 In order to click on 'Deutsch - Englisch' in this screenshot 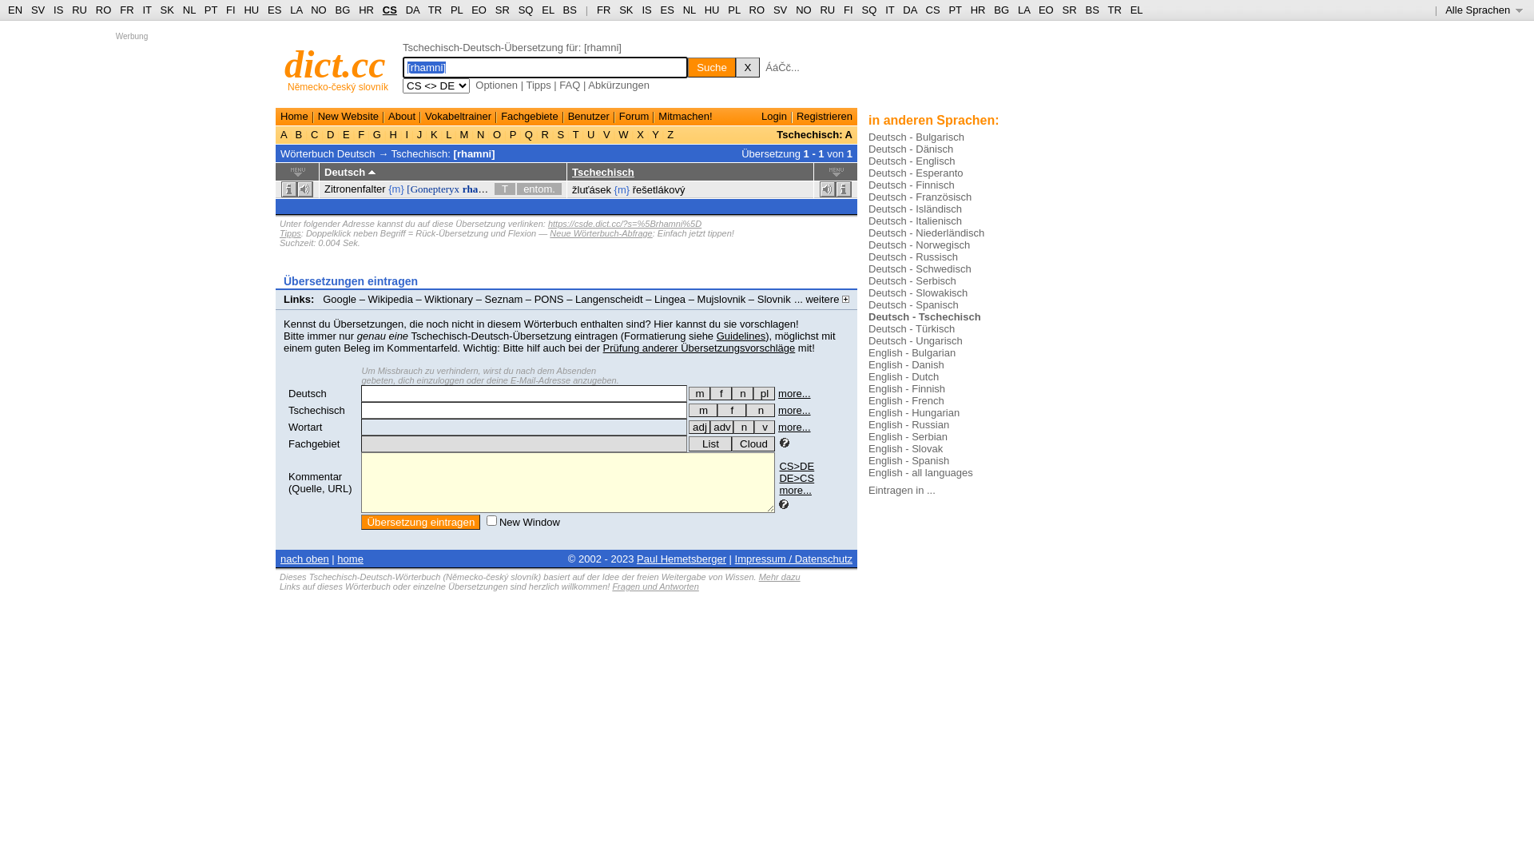, I will do `click(912, 161)`.